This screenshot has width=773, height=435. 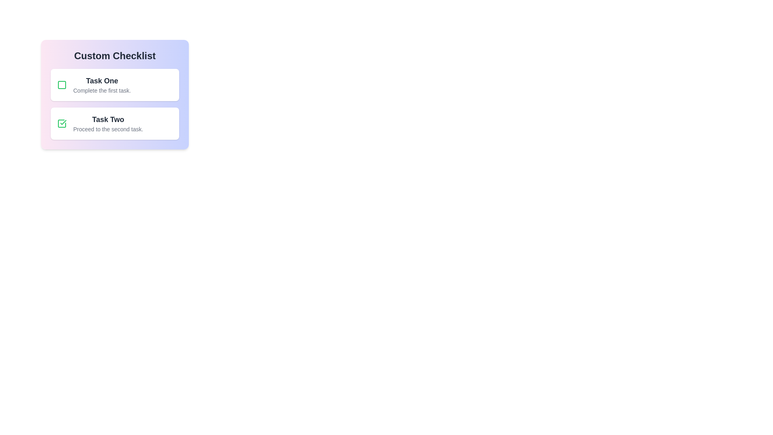 What do you see at coordinates (61, 124) in the screenshot?
I see `the interactive green checkbox with a checkmark icon located on the left side of the 'Task Two' card in the checklist interface` at bounding box center [61, 124].